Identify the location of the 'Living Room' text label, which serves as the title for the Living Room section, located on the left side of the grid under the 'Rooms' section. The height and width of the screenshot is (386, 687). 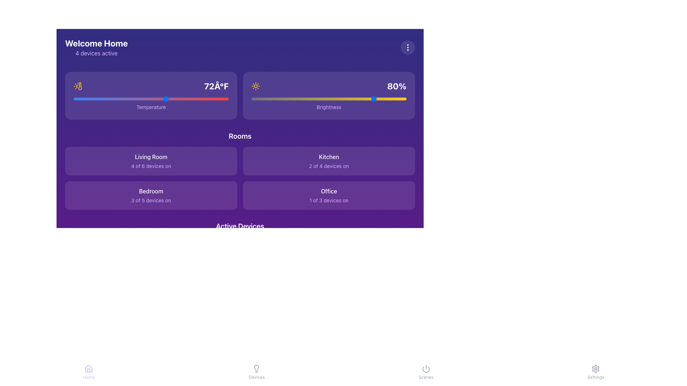
(151, 157).